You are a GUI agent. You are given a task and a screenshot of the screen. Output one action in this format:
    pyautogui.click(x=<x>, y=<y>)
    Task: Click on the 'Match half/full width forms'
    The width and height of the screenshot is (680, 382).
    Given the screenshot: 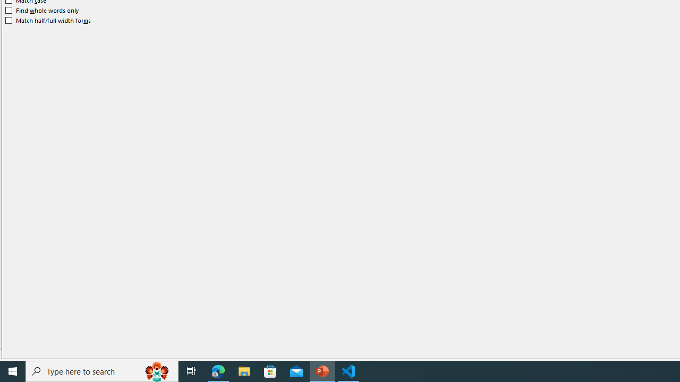 What is the action you would take?
    pyautogui.click(x=48, y=20)
    